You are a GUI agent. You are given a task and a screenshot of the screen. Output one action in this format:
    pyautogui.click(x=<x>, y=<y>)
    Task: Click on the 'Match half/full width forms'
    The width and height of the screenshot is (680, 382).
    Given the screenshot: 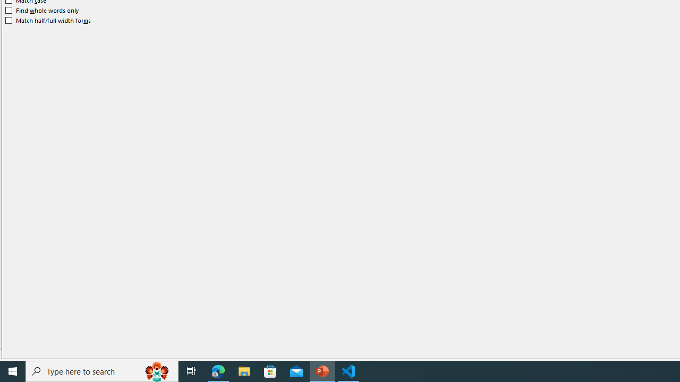 What is the action you would take?
    pyautogui.click(x=48, y=20)
    